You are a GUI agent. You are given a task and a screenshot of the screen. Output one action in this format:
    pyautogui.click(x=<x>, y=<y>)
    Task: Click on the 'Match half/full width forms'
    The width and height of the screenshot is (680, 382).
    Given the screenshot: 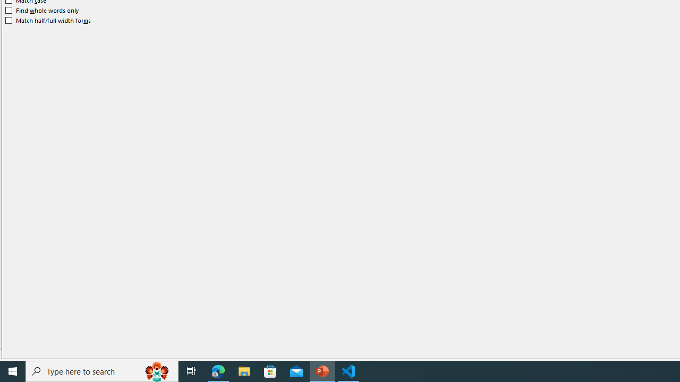 What is the action you would take?
    pyautogui.click(x=48, y=20)
    